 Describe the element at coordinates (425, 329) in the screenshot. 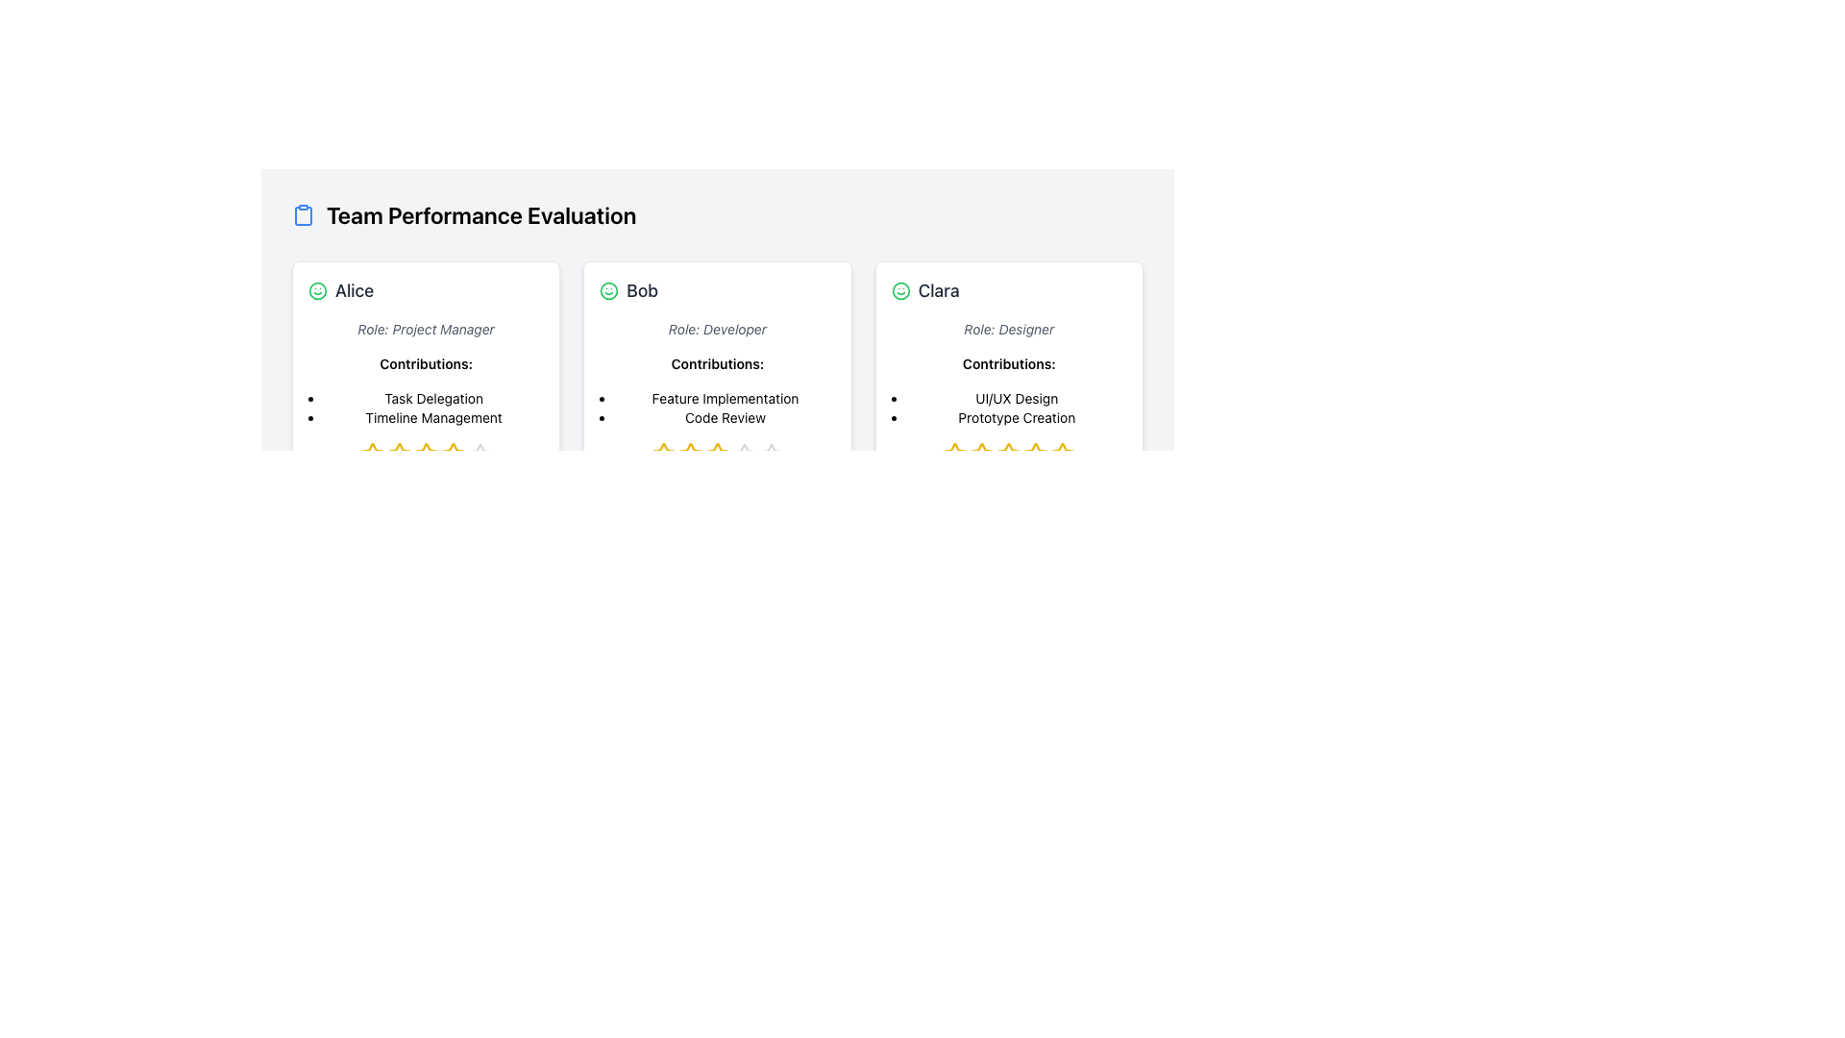

I see `the text label indicating 'Role: Project Manager' for 'Alice', located in the middle section of the first card, below the name 'Alice' and above 'Contributions:'` at that location.